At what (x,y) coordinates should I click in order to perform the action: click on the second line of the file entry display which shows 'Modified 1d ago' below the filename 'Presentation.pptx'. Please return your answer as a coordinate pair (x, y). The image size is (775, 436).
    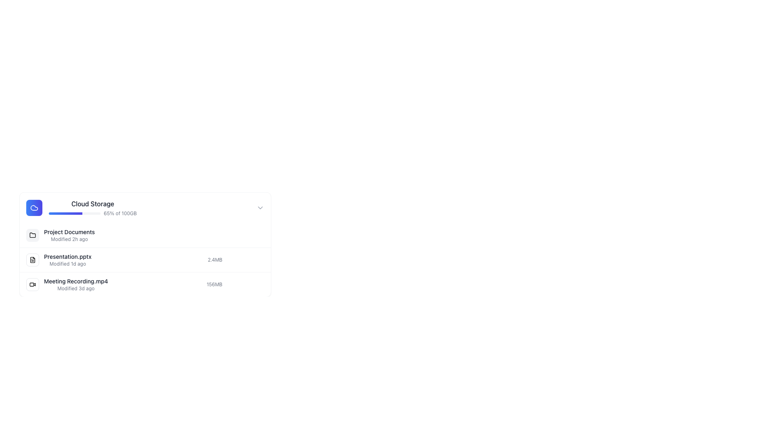
    Looking at the image, I should click on (67, 260).